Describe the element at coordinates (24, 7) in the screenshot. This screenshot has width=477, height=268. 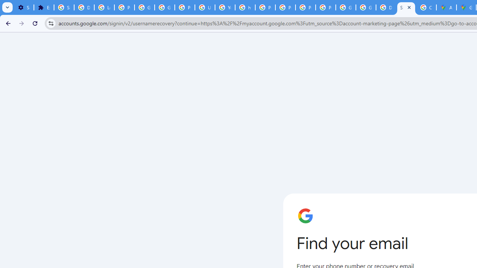
I see `'Settings - On startup'` at that location.